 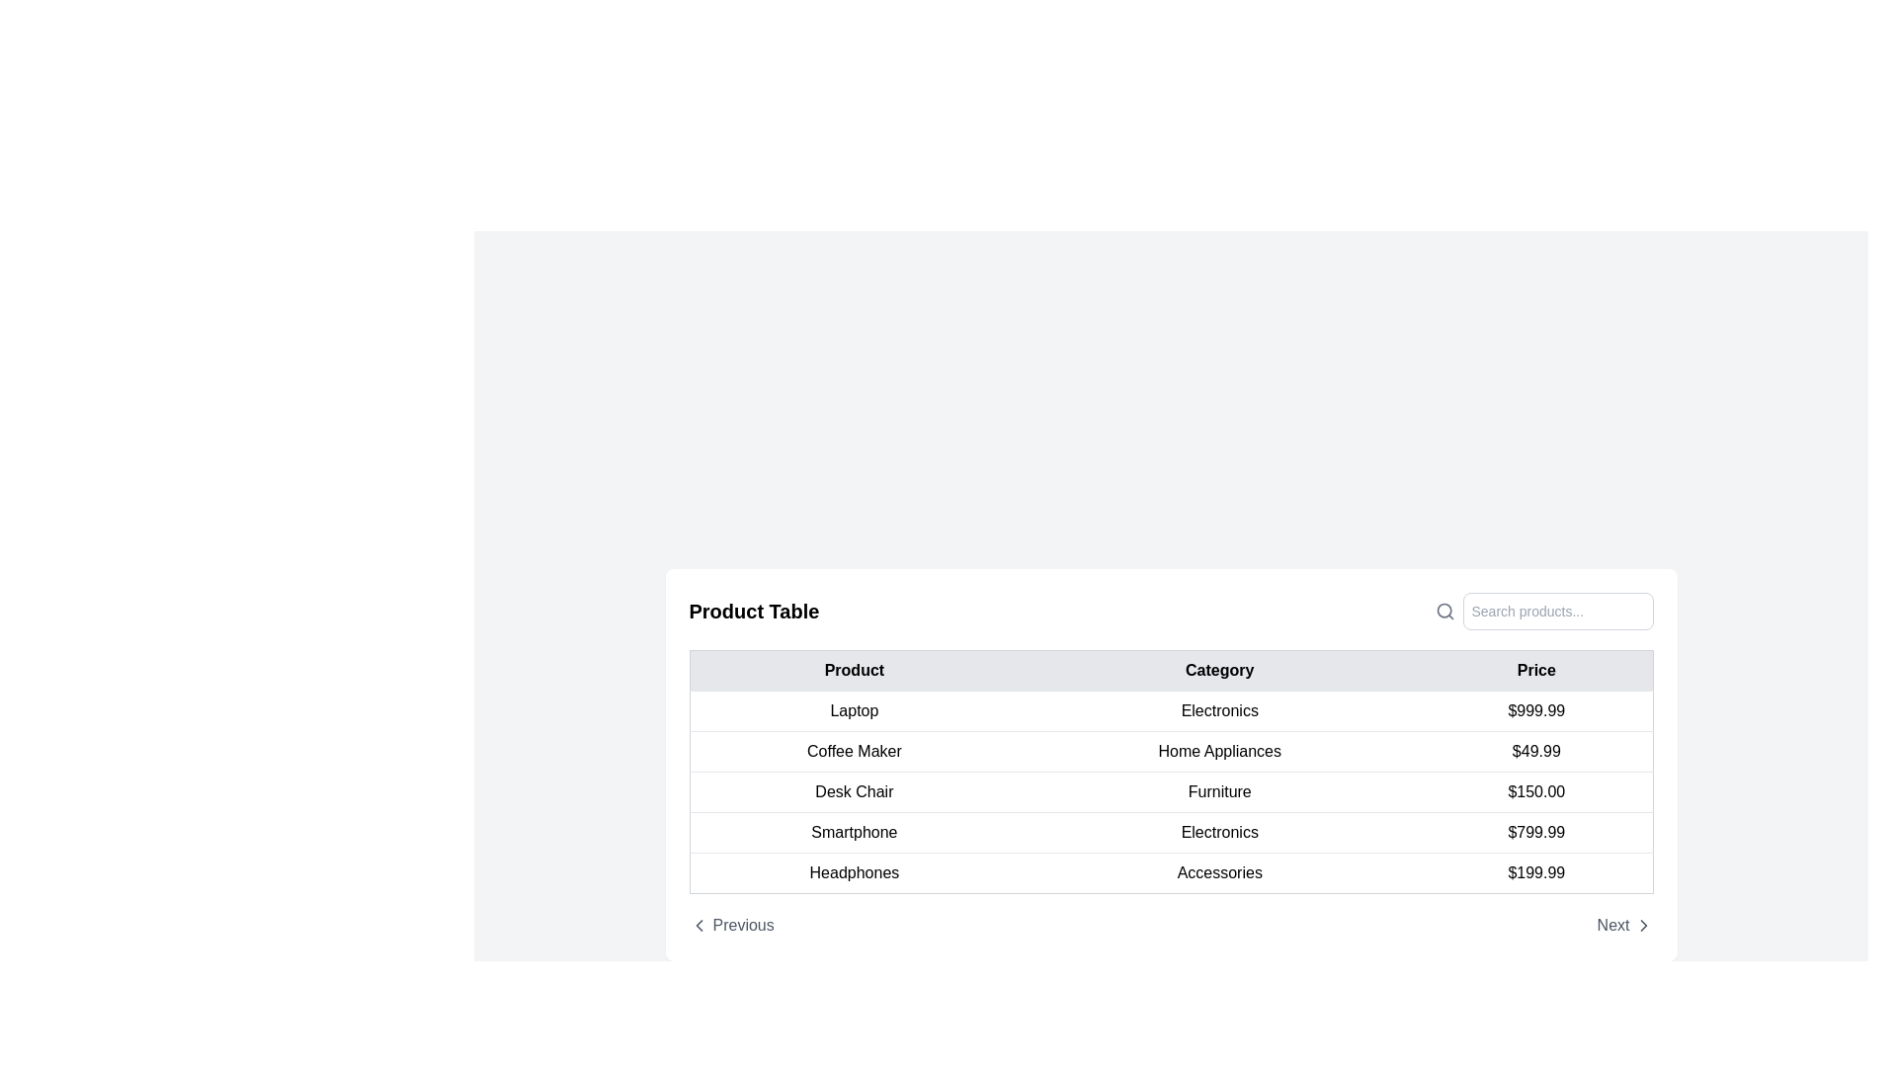 I want to click on information presented in the table row displaying 'Desk Chair', 'Furniture', and '$150.00', which is positioned between the 'Coffee Maker' and 'Smartphone' rows, so click(x=1171, y=790).